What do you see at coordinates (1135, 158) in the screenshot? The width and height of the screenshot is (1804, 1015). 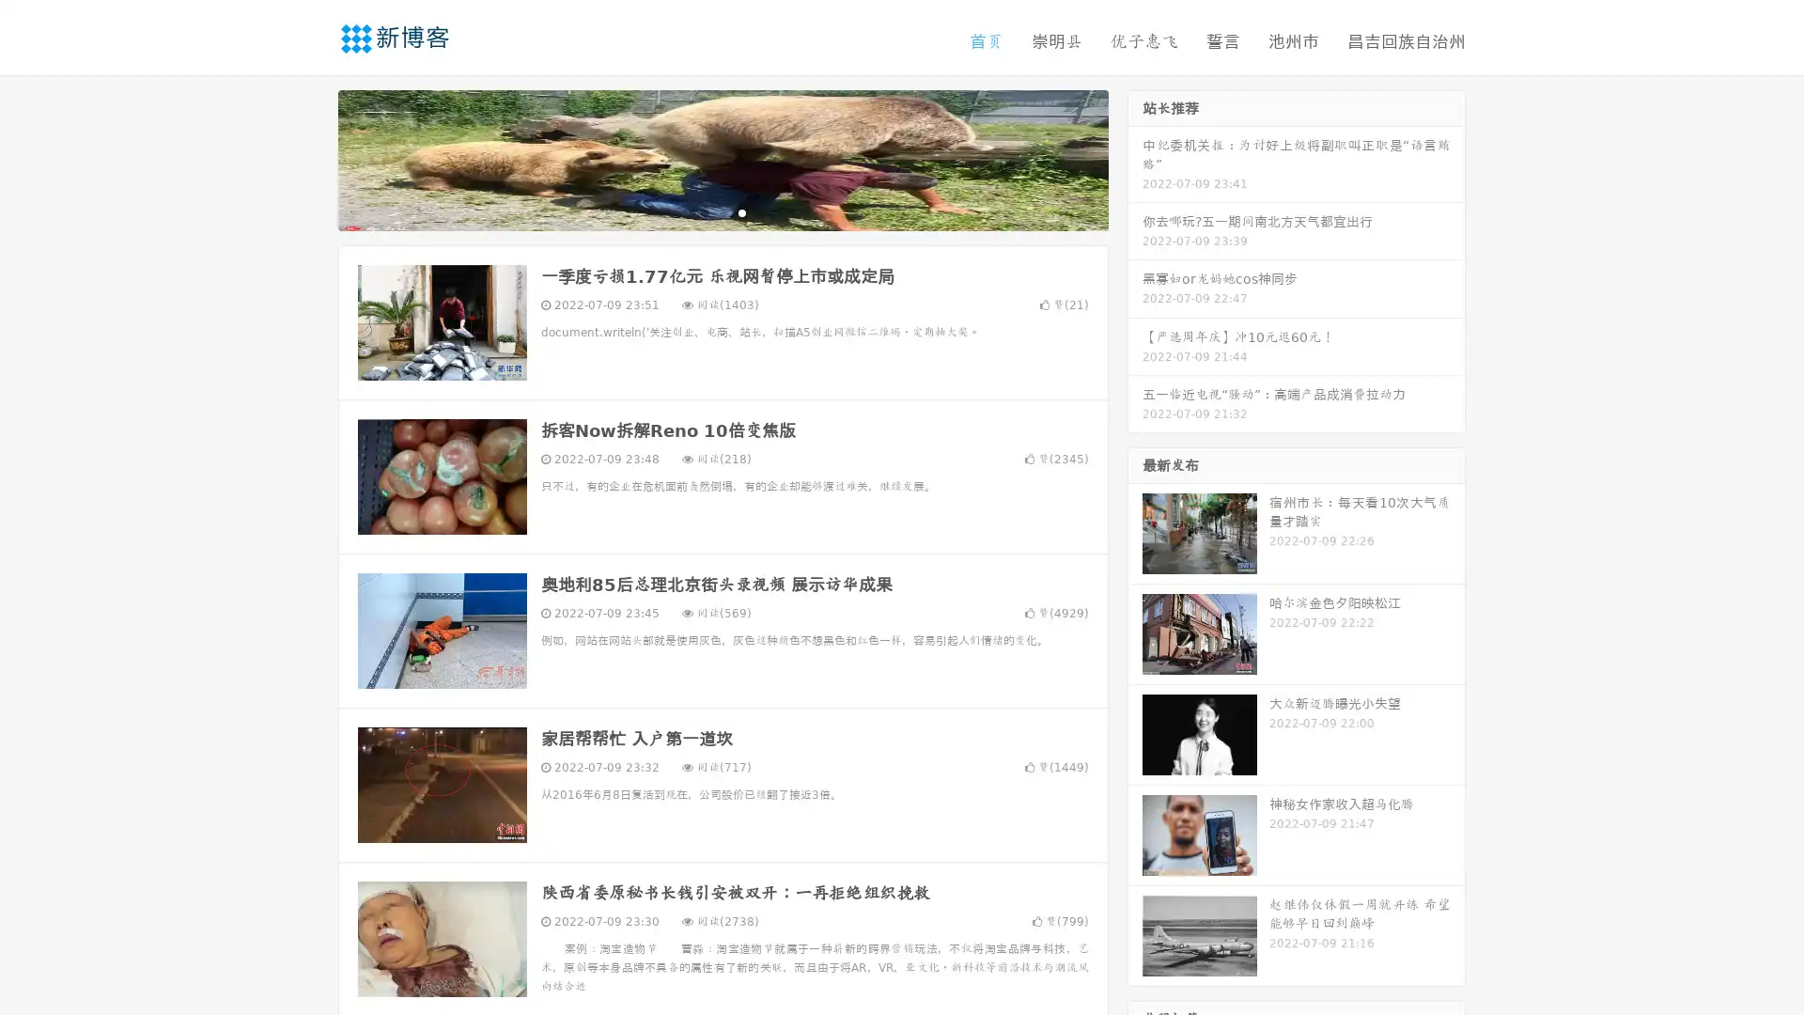 I see `Next slide` at bounding box center [1135, 158].